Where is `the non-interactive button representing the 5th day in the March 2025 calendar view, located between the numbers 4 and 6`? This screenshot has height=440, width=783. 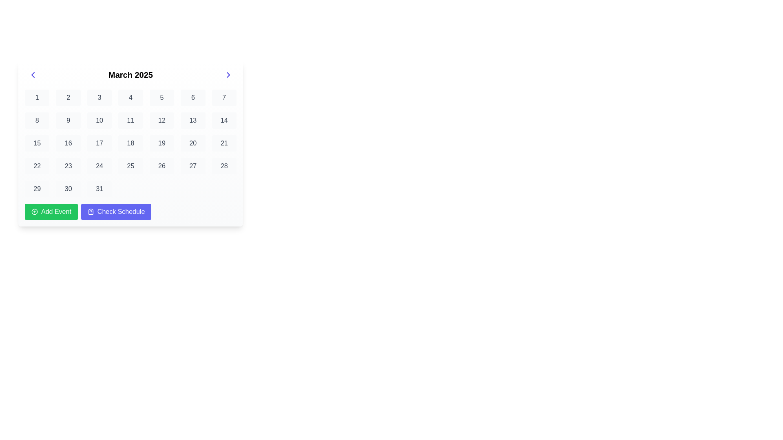 the non-interactive button representing the 5th day in the March 2025 calendar view, located between the numbers 4 and 6 is located at coordinates (161, 97).